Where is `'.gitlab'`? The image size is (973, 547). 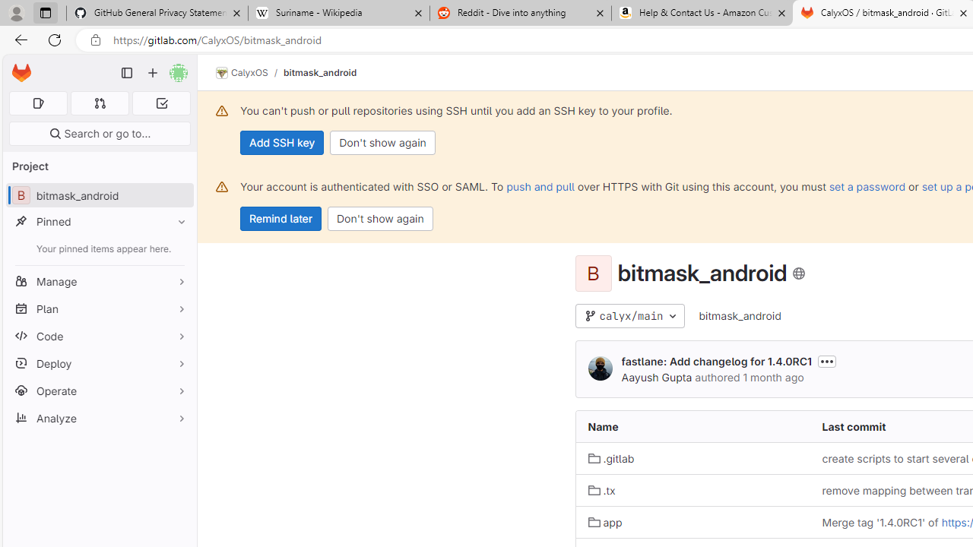
'.gitlab' is located at coordinates (610, 457).